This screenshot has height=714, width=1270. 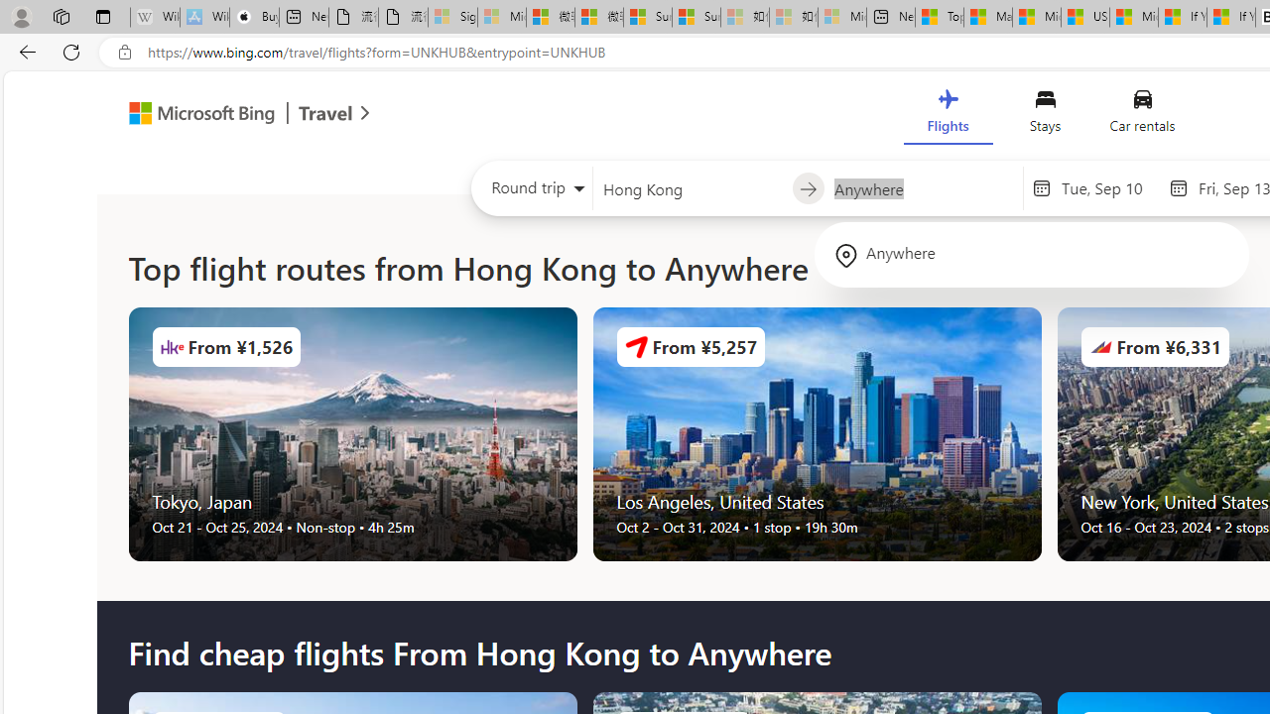 I want to click on 'Start Date', so click(x=1108, y=187).